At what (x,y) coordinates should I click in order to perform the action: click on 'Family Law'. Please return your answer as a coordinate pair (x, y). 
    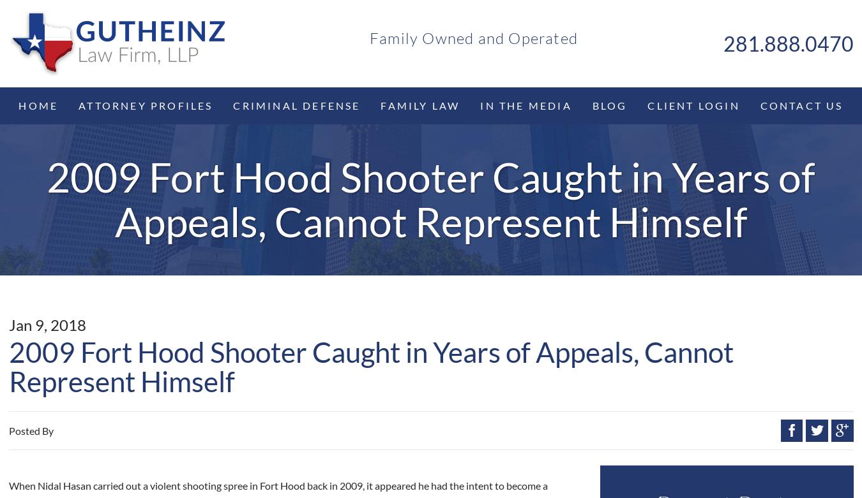
    Looking at the image, I should click on (420, 104).